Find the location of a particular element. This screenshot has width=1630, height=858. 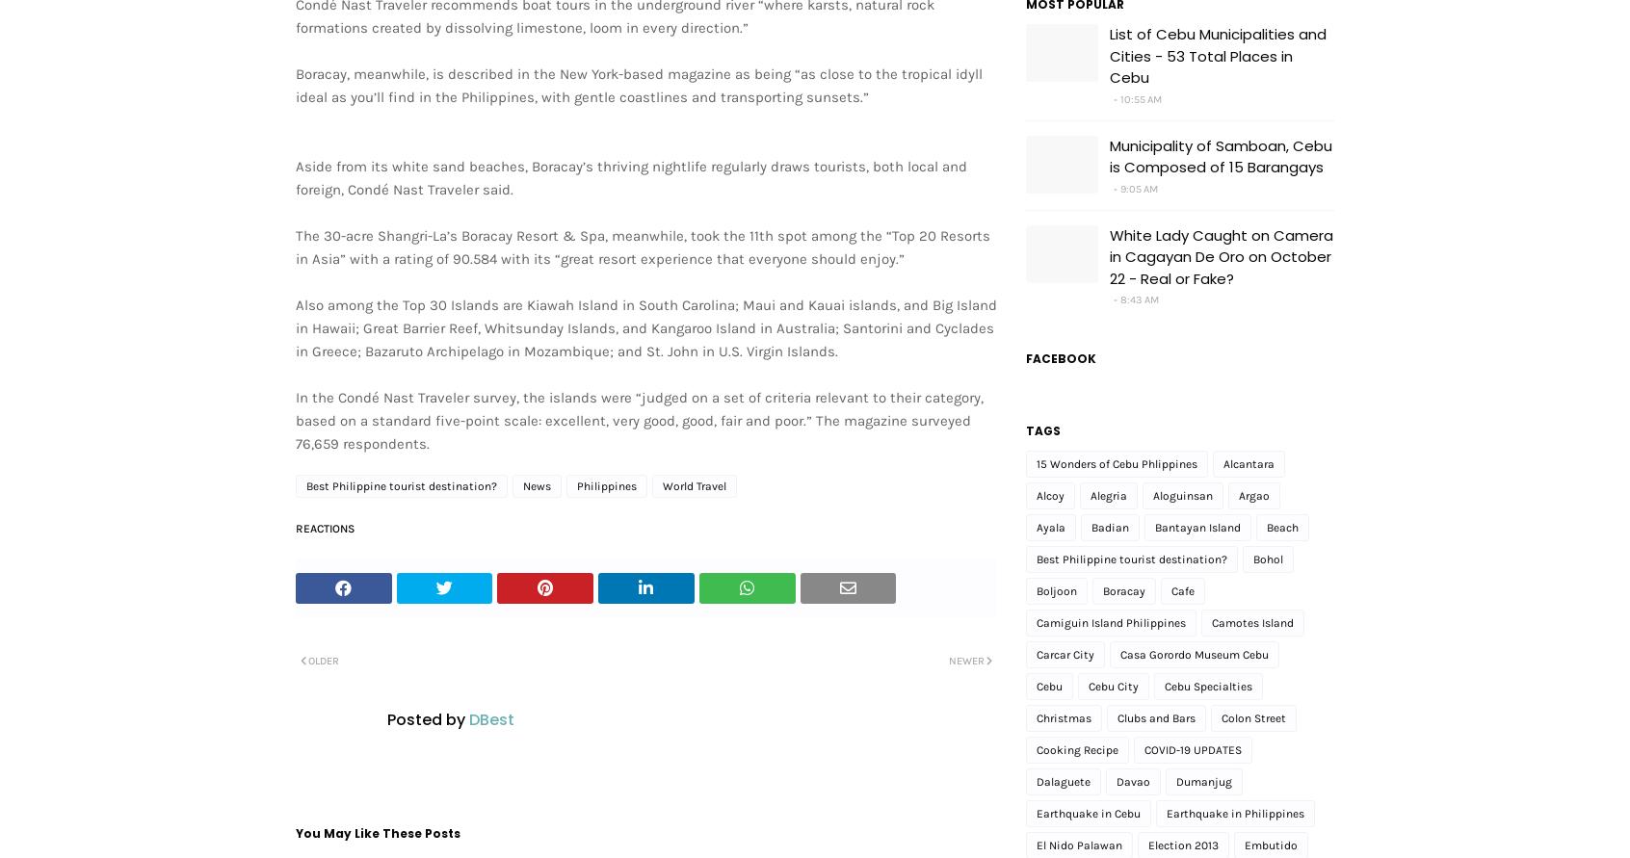

'Reactions' is located at coordinates (324, 529).